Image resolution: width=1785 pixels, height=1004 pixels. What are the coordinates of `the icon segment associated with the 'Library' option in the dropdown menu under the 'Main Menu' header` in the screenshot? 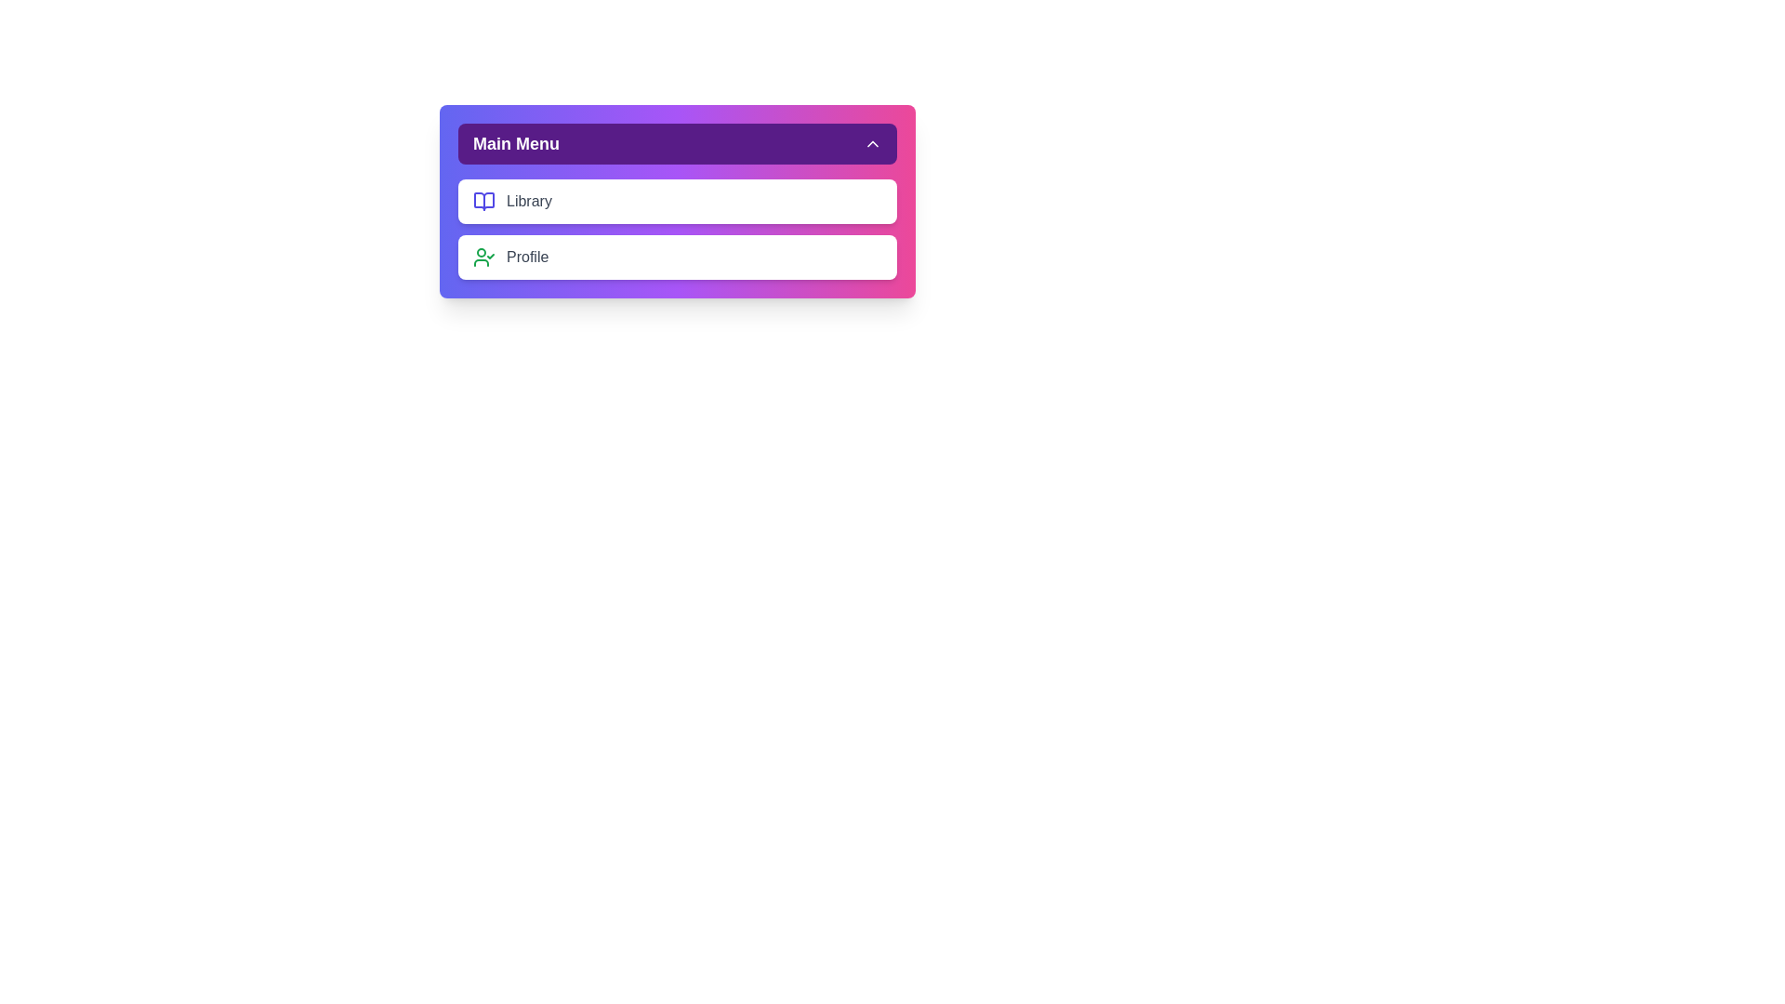 It's located at (484, 201).